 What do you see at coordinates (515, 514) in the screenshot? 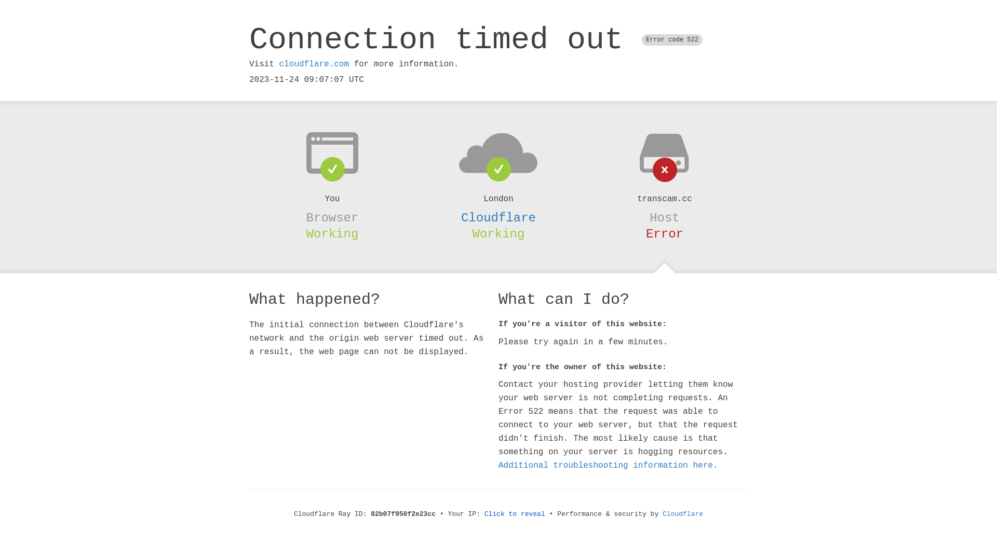
I see `'Click to reveal'` at bounding box center [515, 514].